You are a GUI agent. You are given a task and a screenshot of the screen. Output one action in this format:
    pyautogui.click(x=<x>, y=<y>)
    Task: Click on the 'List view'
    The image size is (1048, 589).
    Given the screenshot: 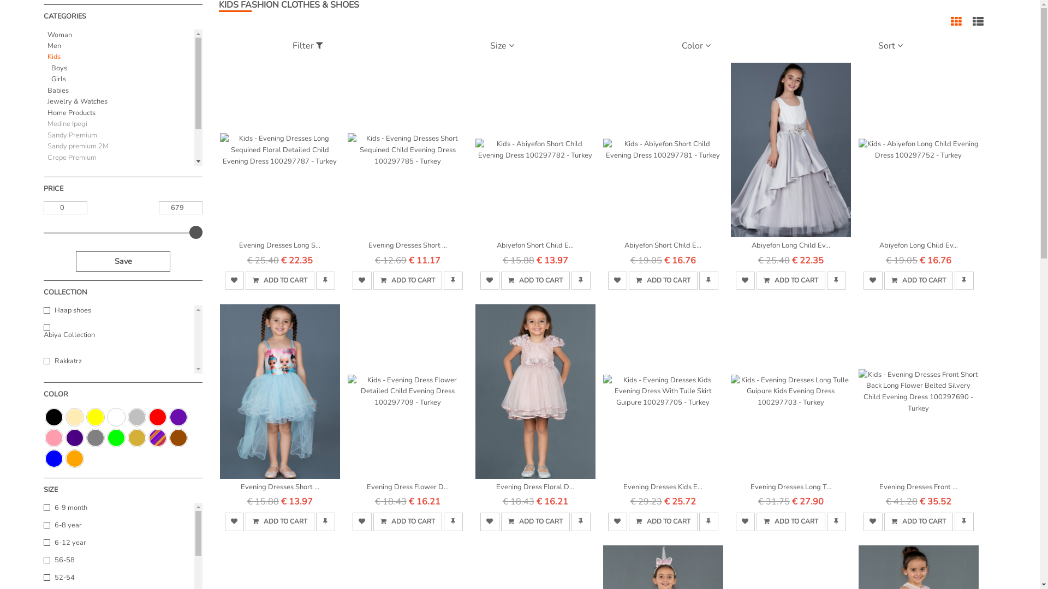 What is the action you would take?
    pyautogui.click(x=978, y=23)
    